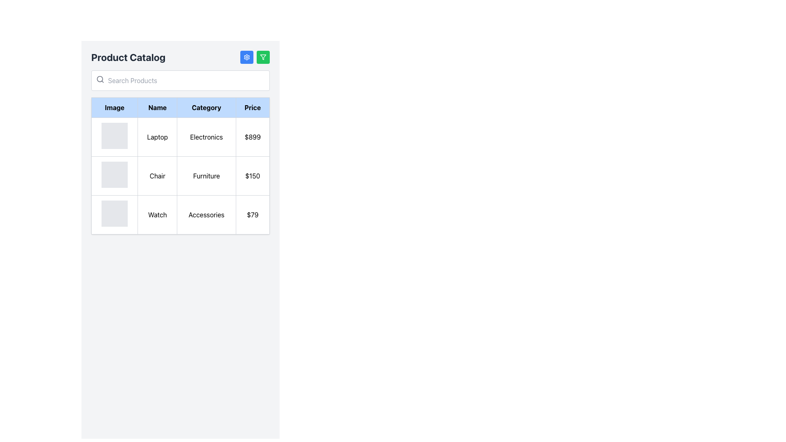 The height and width of the screenshot is (442, 786). I want to click on the settings button located in the top-right corner above the 'Product Catalog' table, so click(246, 56).